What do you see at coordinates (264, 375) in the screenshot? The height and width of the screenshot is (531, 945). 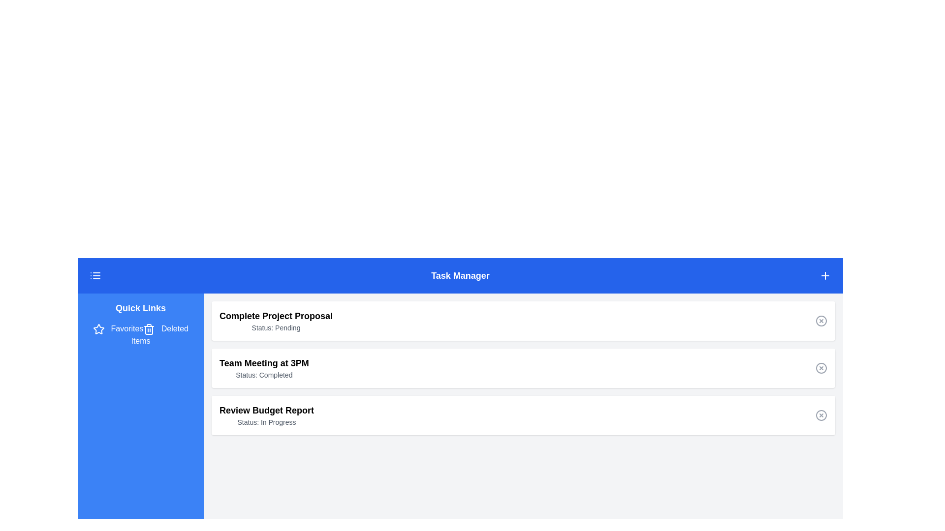 I see `the 'Status: Completed' text label, which is located below the 'Team Meeting at 3PM' text and aligned with other status elements in the list` at bounding box center [264, 375].